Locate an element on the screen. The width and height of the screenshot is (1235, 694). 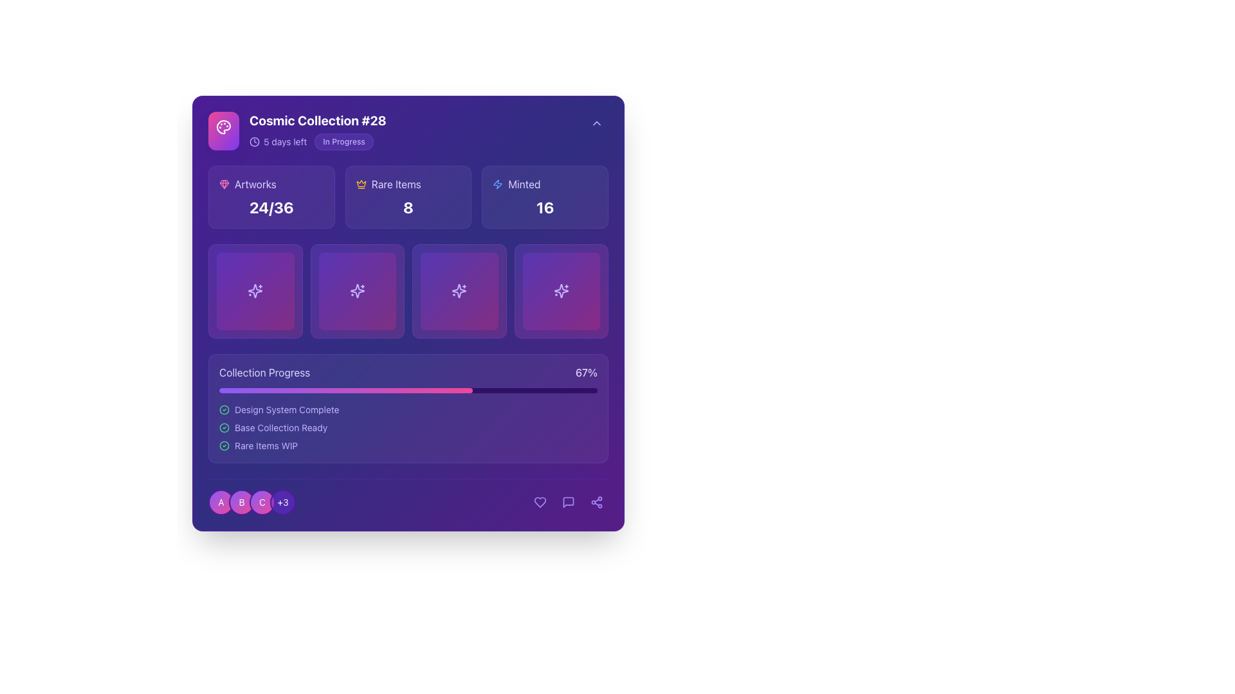
the text label displaying the progress indicator for 24 out of 36 items in the 'Artworks' section is located at coordinates (271, 207).